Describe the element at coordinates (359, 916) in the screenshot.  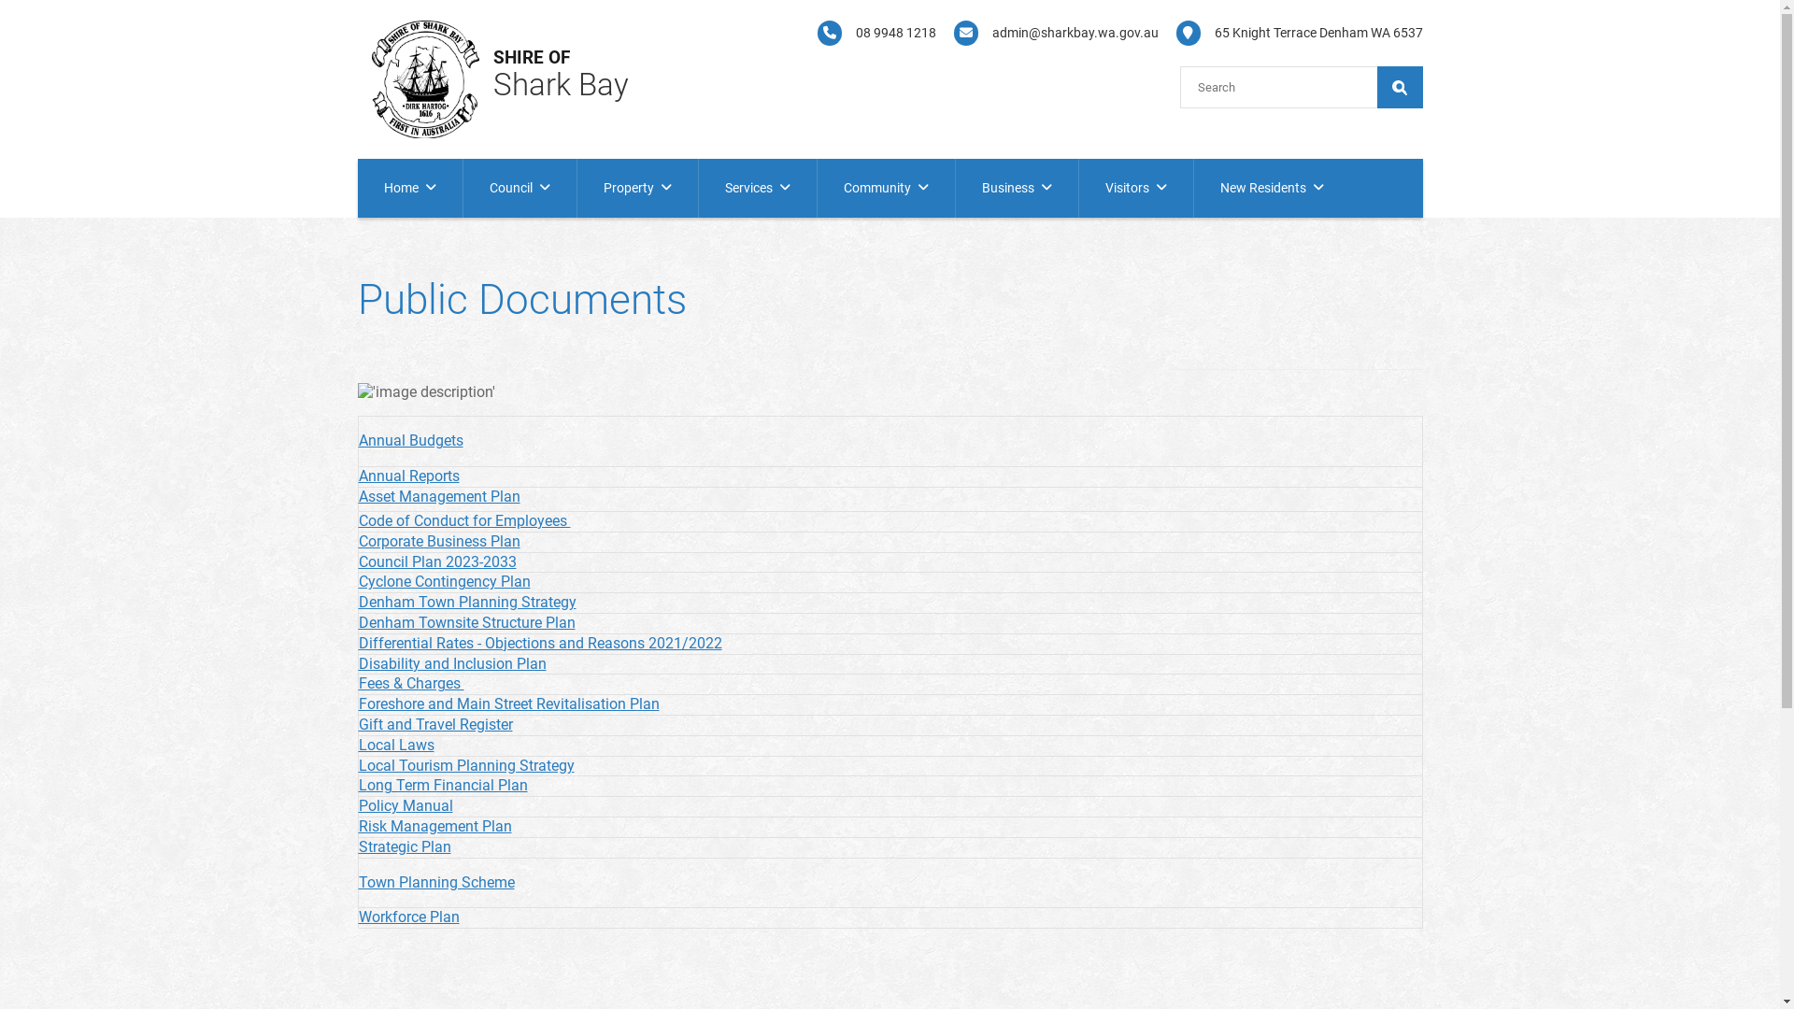
I see `'Workforce Plan'` at that location.